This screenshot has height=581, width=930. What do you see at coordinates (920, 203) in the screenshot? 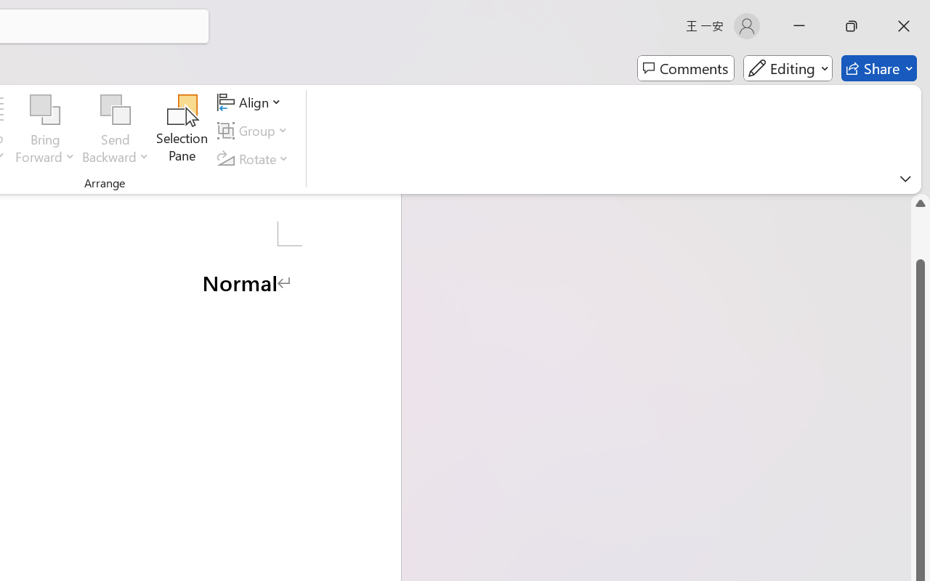
I see `'Line up'` at bounding box center [920, 203].